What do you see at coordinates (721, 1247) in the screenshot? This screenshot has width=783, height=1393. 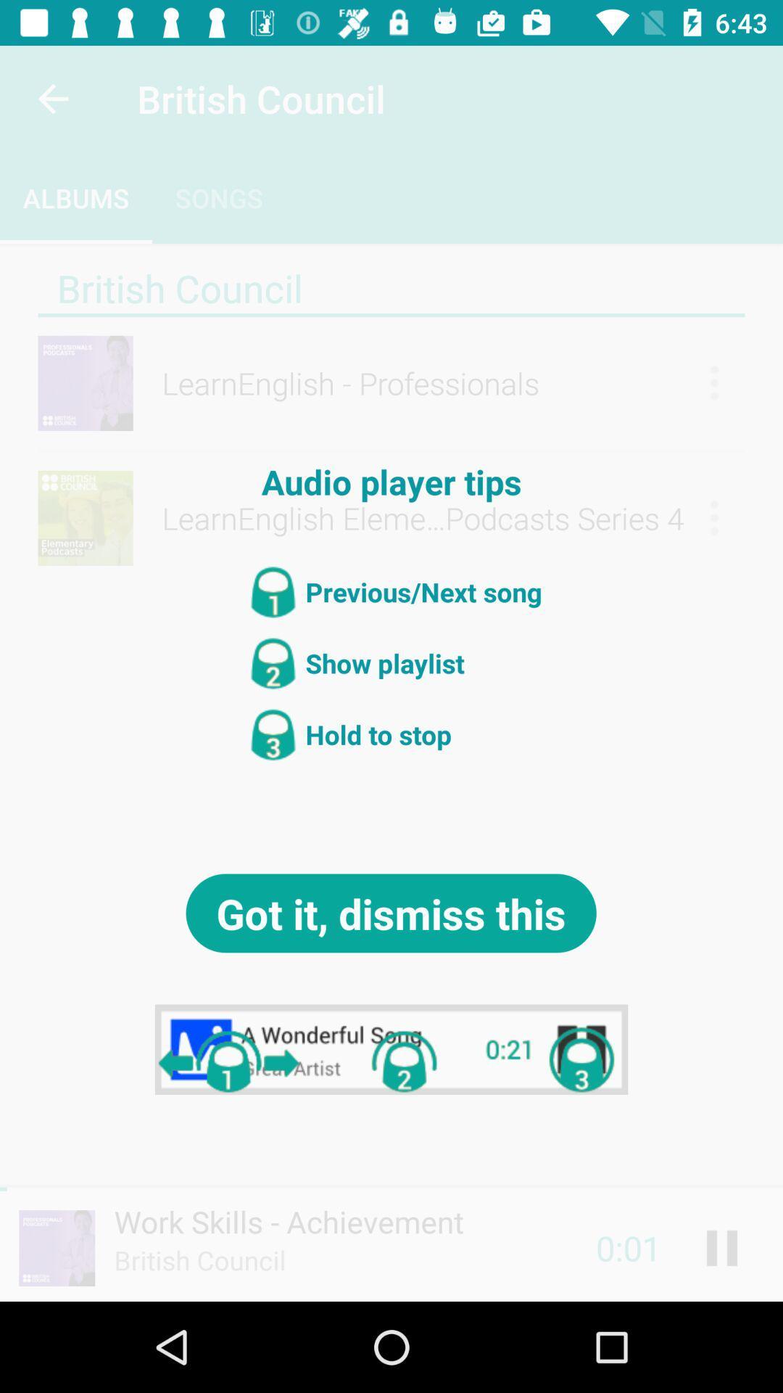 I see `the pause icon` at bounding box center [721, 1247].